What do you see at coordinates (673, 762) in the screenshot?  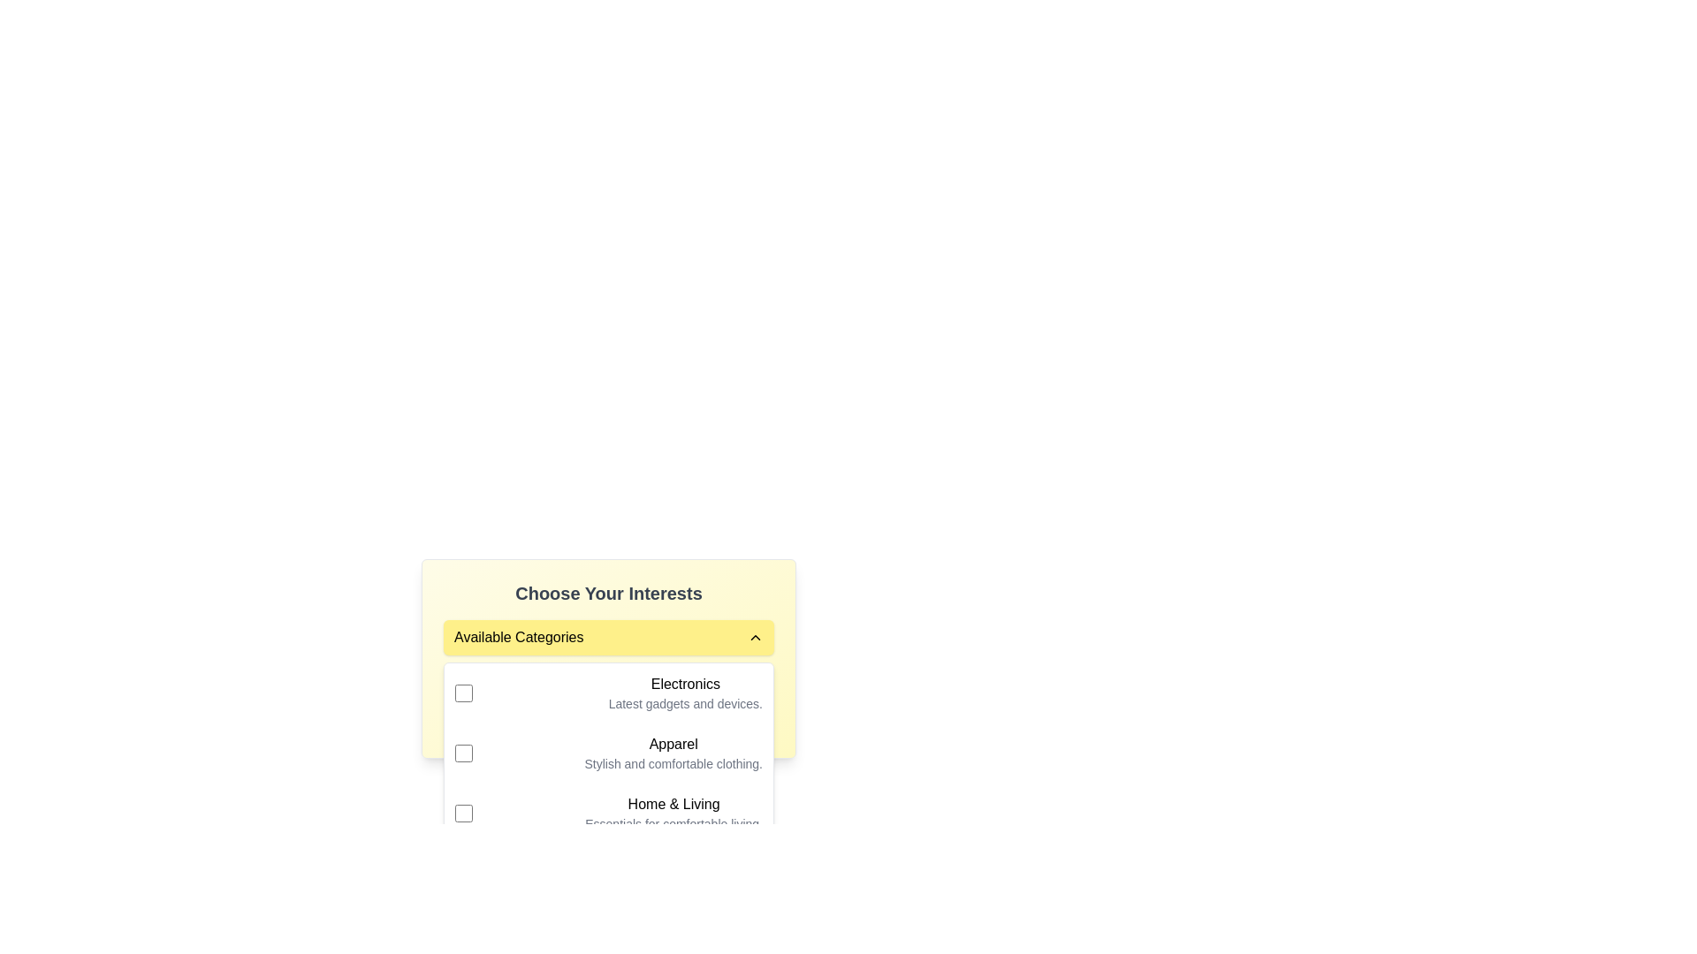 I see `the static text element displaying 'Stylish and comfortable clothing.' located beneath the heading 'Apparel' in the 'Available Categories' group` at bounding box center [673, 762].